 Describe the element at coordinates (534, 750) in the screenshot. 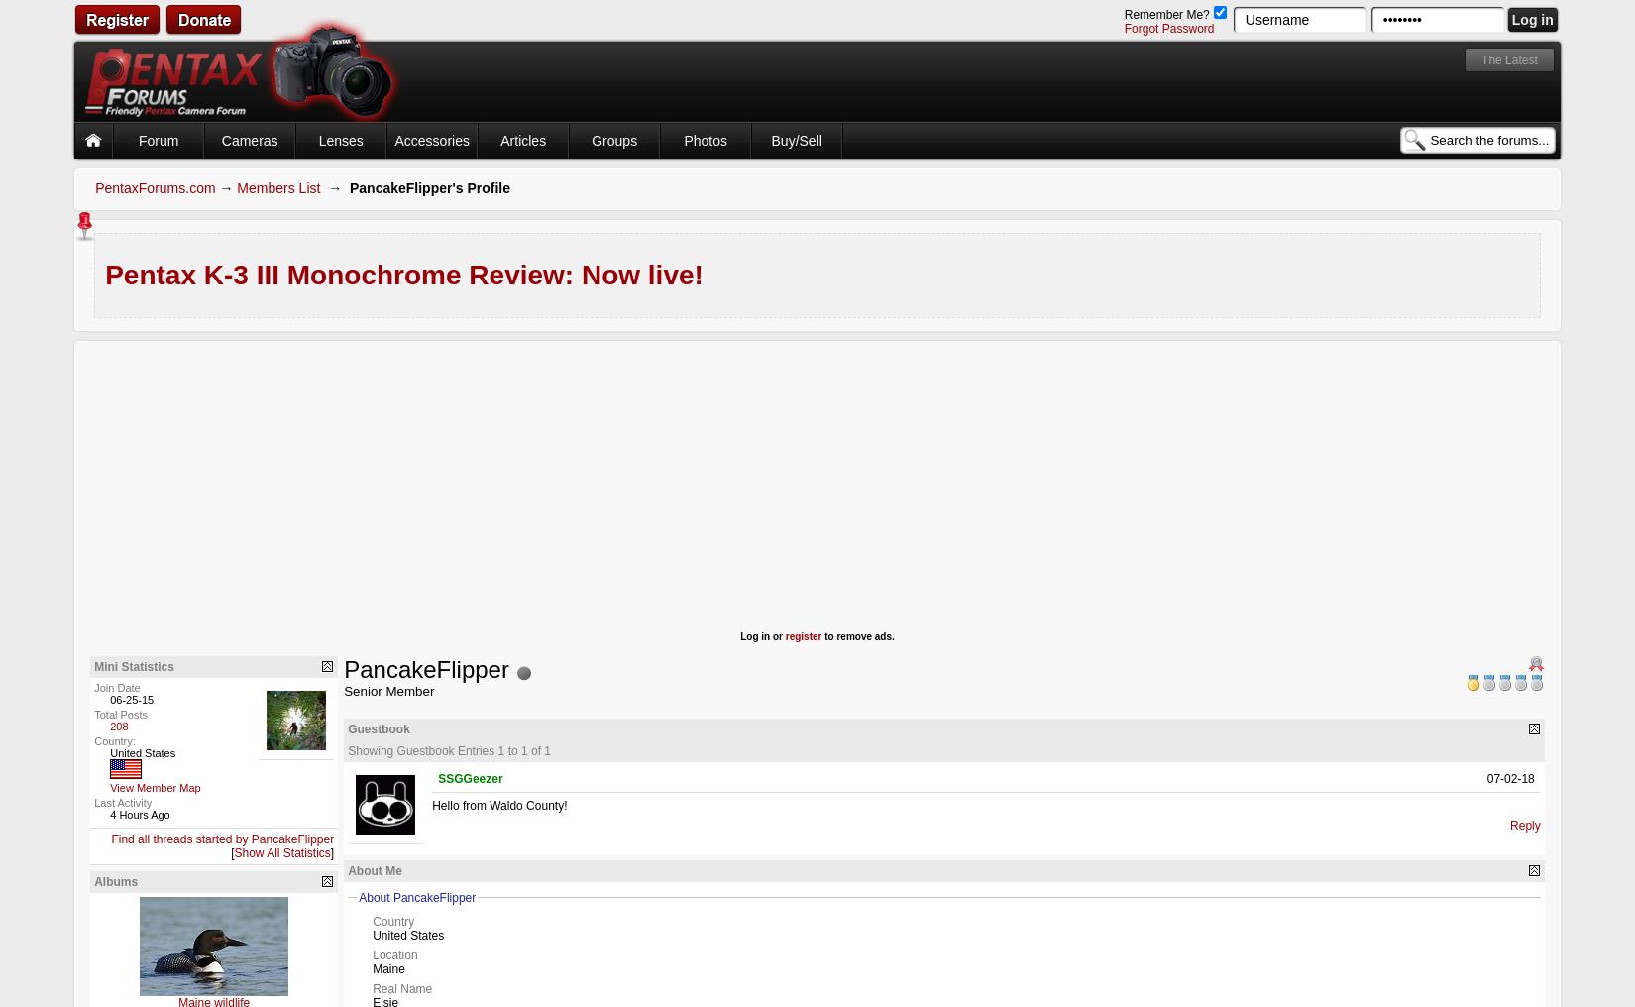

I see `'of'` at that location.